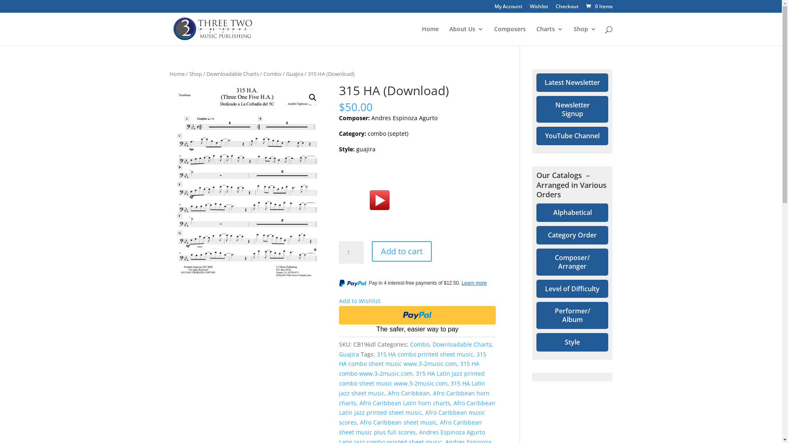 The width and height of the screenshot is (788, 443). I want to click on 'Guajira', so click(349, 354).